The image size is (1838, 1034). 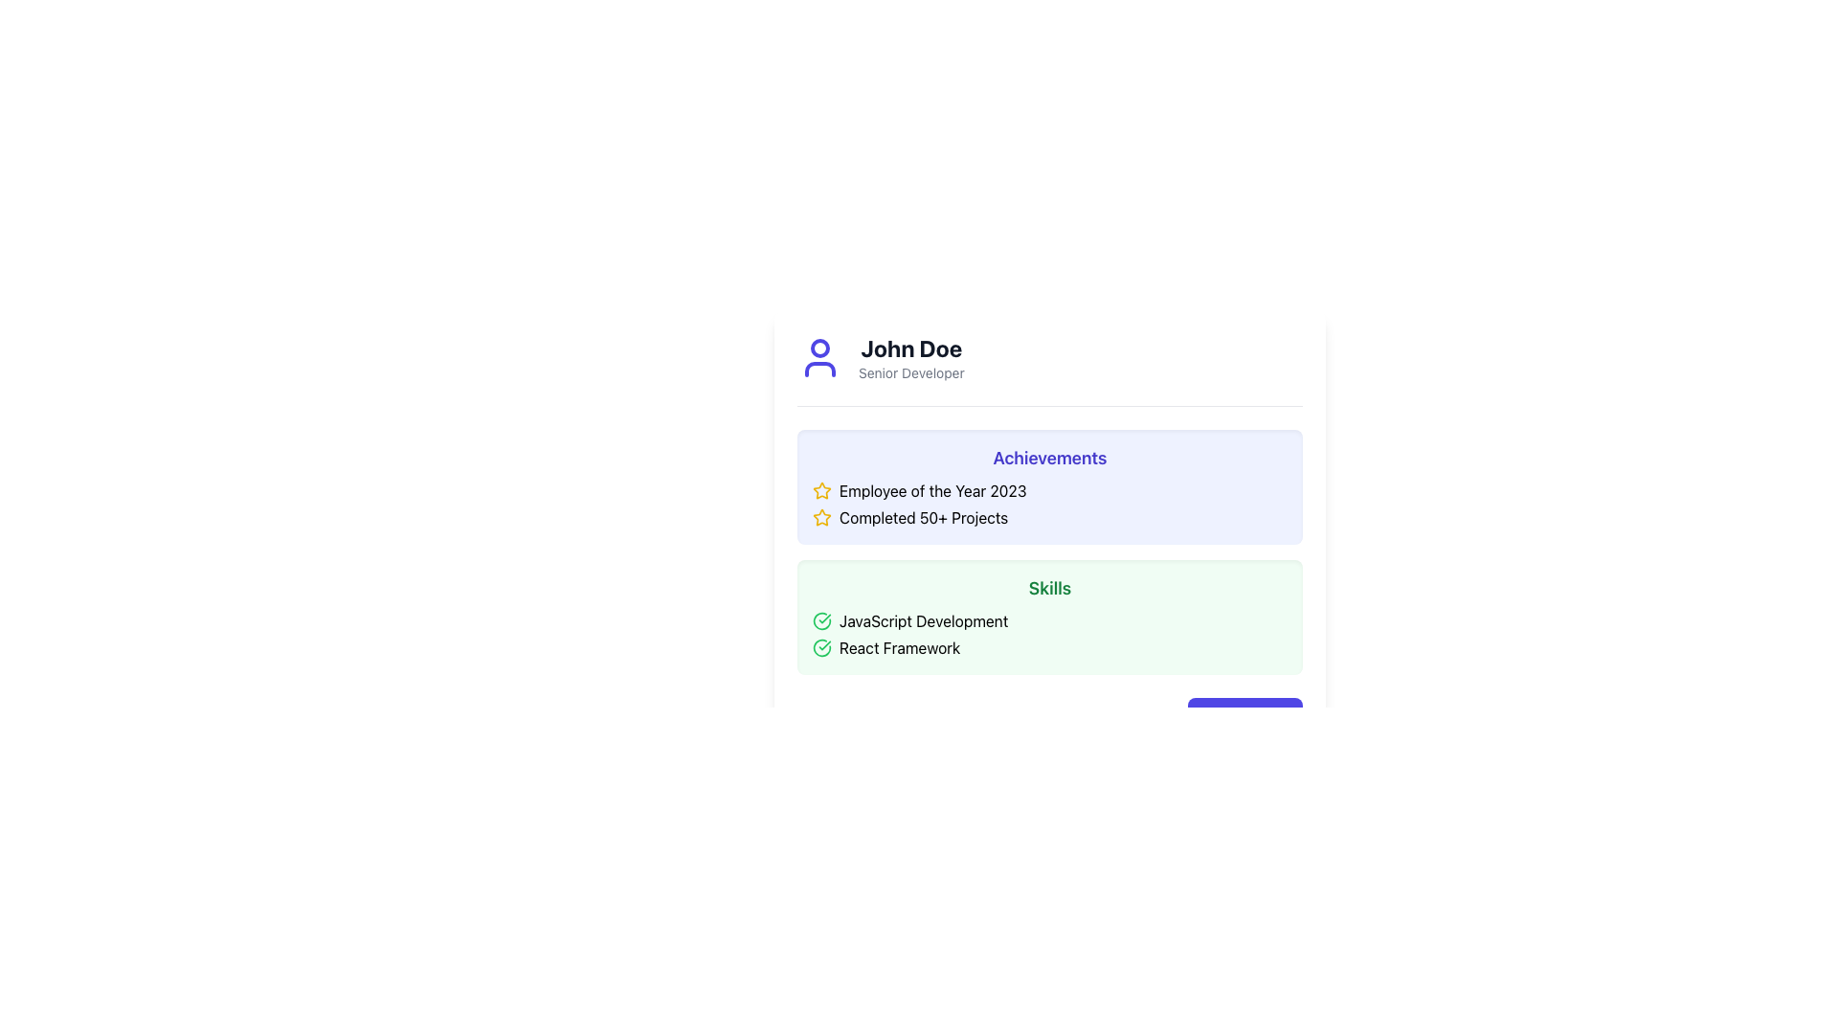 What do you see at coordinates (822, 517) in the screenshot?
I see `the star icon in the Achievements section, which symbolizes completion and is located to the left of the 'Completed 50+ Projects' text` at bounding box center [822, 517].